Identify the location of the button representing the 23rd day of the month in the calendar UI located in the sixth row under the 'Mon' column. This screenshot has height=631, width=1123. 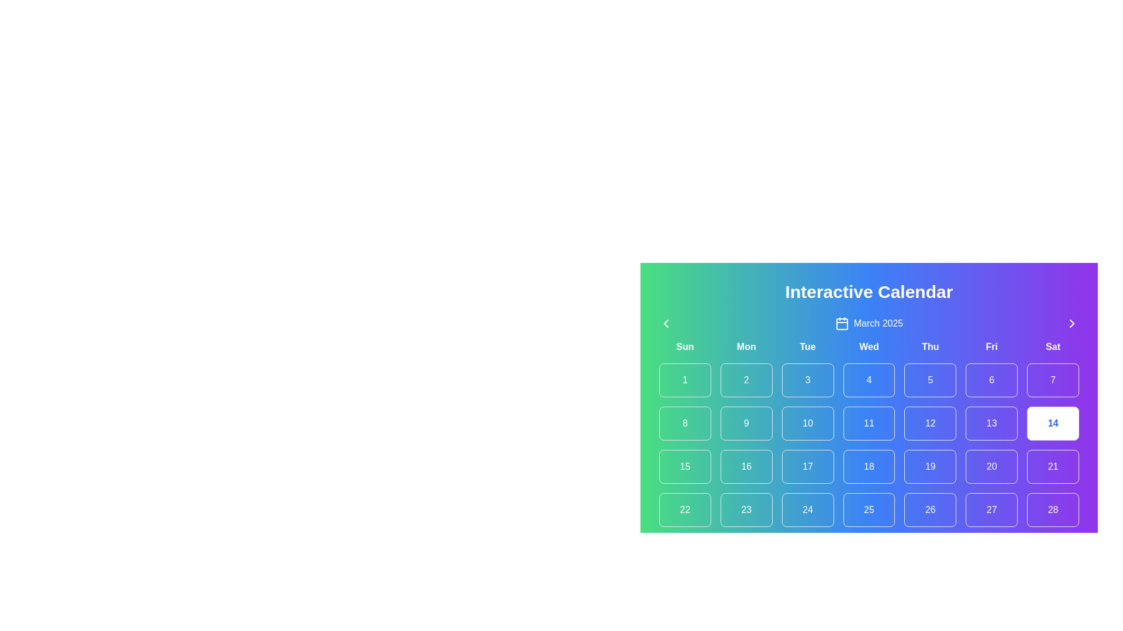
(746, 509).